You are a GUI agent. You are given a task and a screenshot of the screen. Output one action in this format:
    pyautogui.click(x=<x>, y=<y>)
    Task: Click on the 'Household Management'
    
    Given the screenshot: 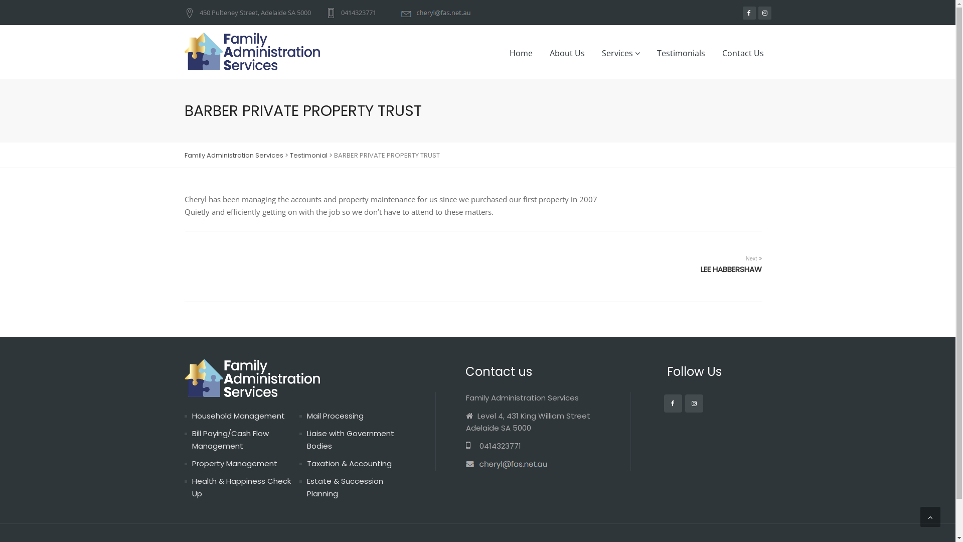 What is the action you would take?
    pyautogui.click(x=237, y=416)
    